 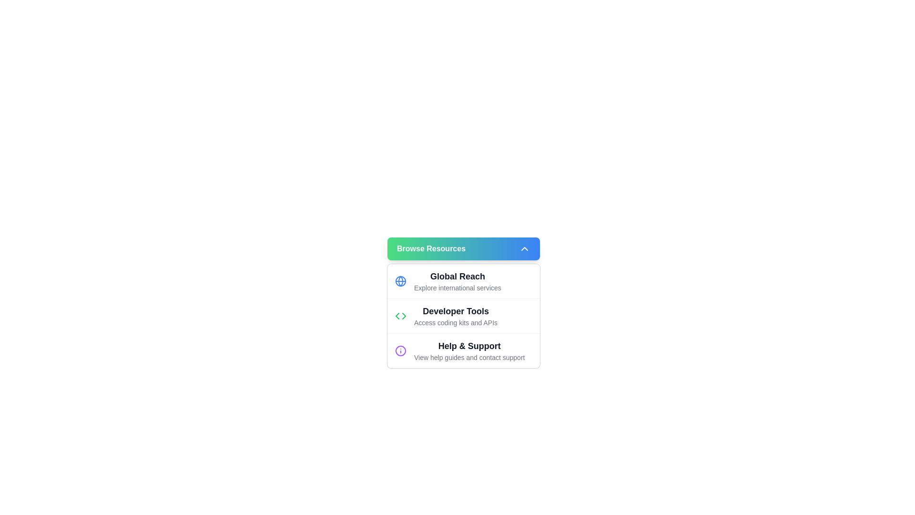 I want to click on the 'Help & Support' icon, which visually represents the section for user assistance and is located to the left of the bold title text 'Help & Support', so click(x=400, y=351).